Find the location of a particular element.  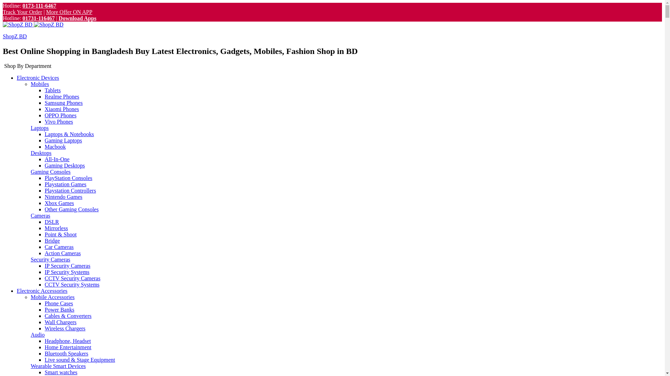

'Wireless Chargers' is located at coordinates (65, 328).